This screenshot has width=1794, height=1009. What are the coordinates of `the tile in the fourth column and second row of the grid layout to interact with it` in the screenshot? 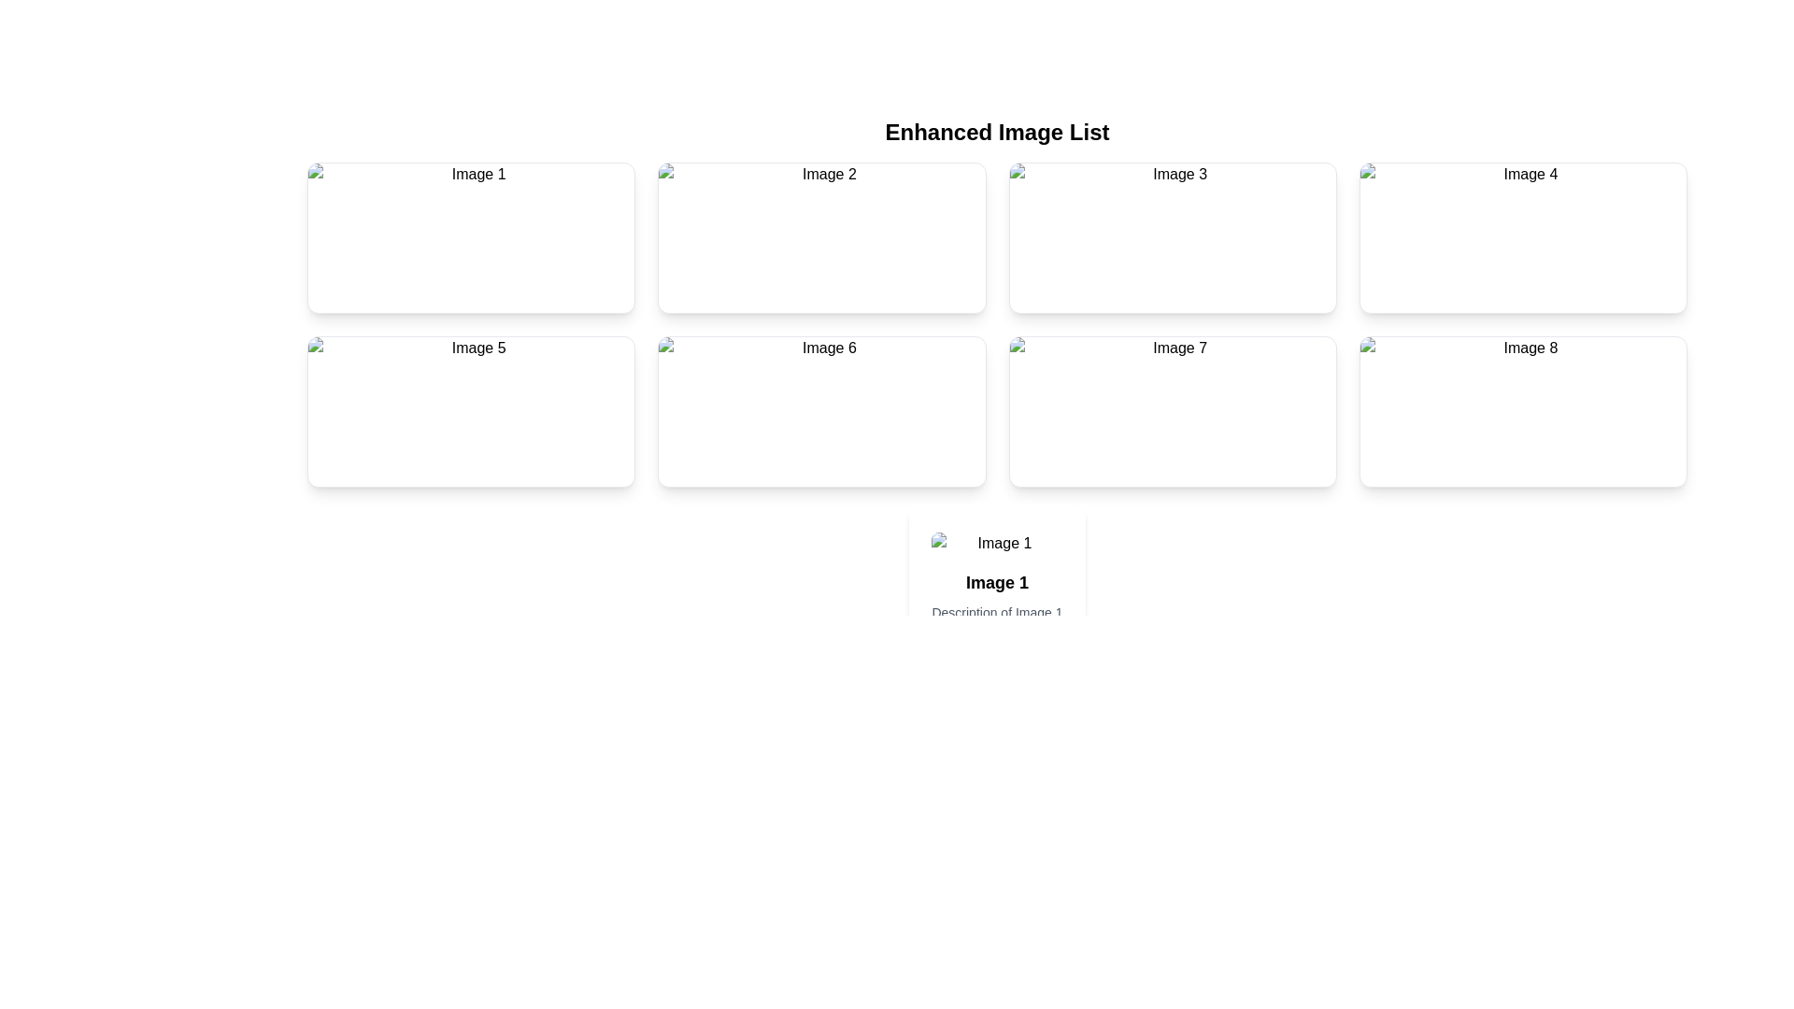 It's located at (1523, 410).